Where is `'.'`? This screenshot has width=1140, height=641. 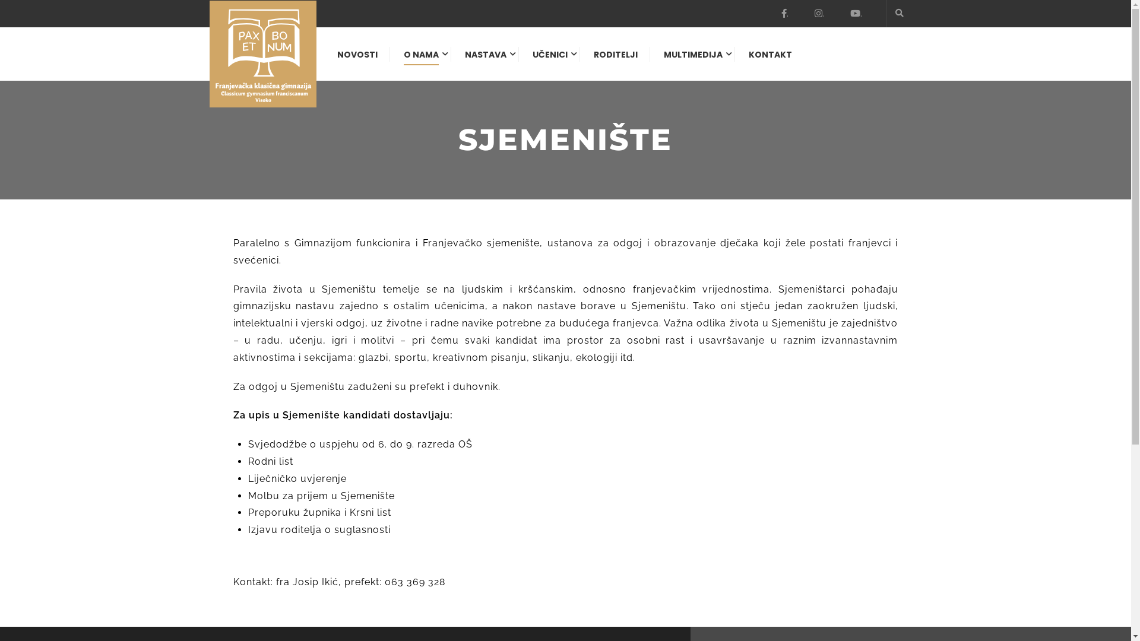
'.' is located at coordinates (781, 13).